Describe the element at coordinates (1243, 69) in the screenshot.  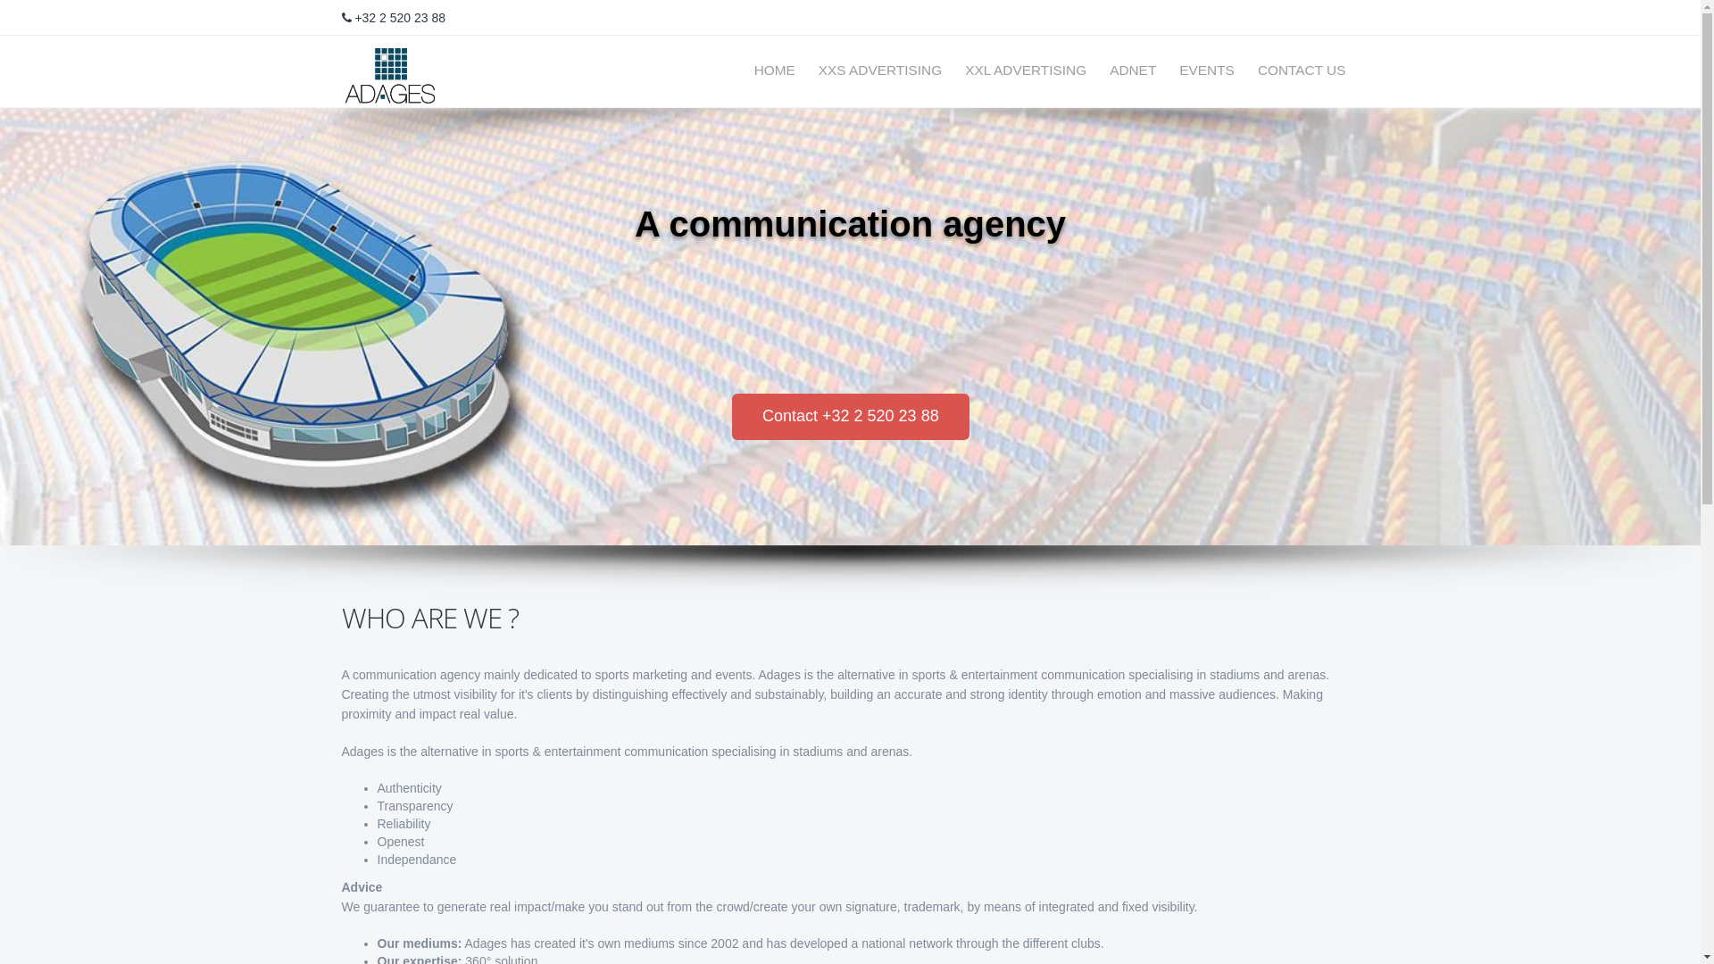
I see `'CONTACT US'` at that location.